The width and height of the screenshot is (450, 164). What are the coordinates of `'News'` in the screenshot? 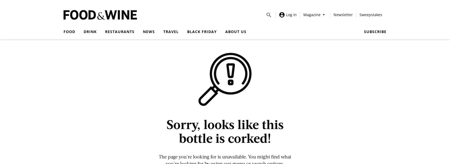 It's located at (148, 31).